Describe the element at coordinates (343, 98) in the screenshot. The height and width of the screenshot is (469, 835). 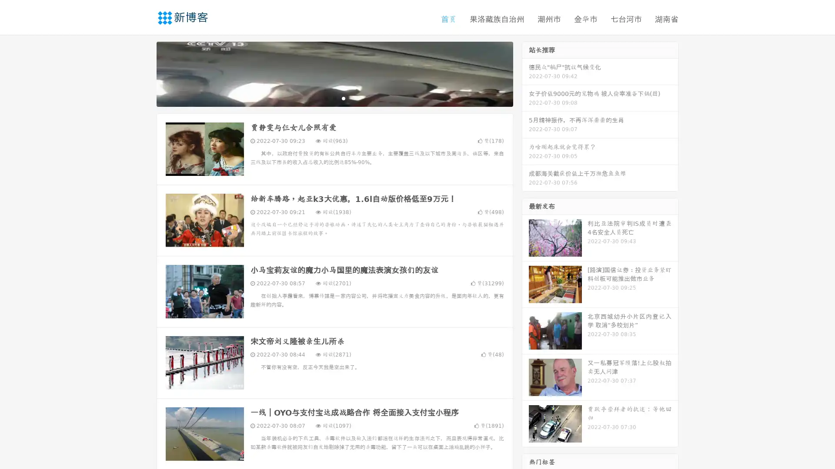
I see `Go to slide 3` at that location.